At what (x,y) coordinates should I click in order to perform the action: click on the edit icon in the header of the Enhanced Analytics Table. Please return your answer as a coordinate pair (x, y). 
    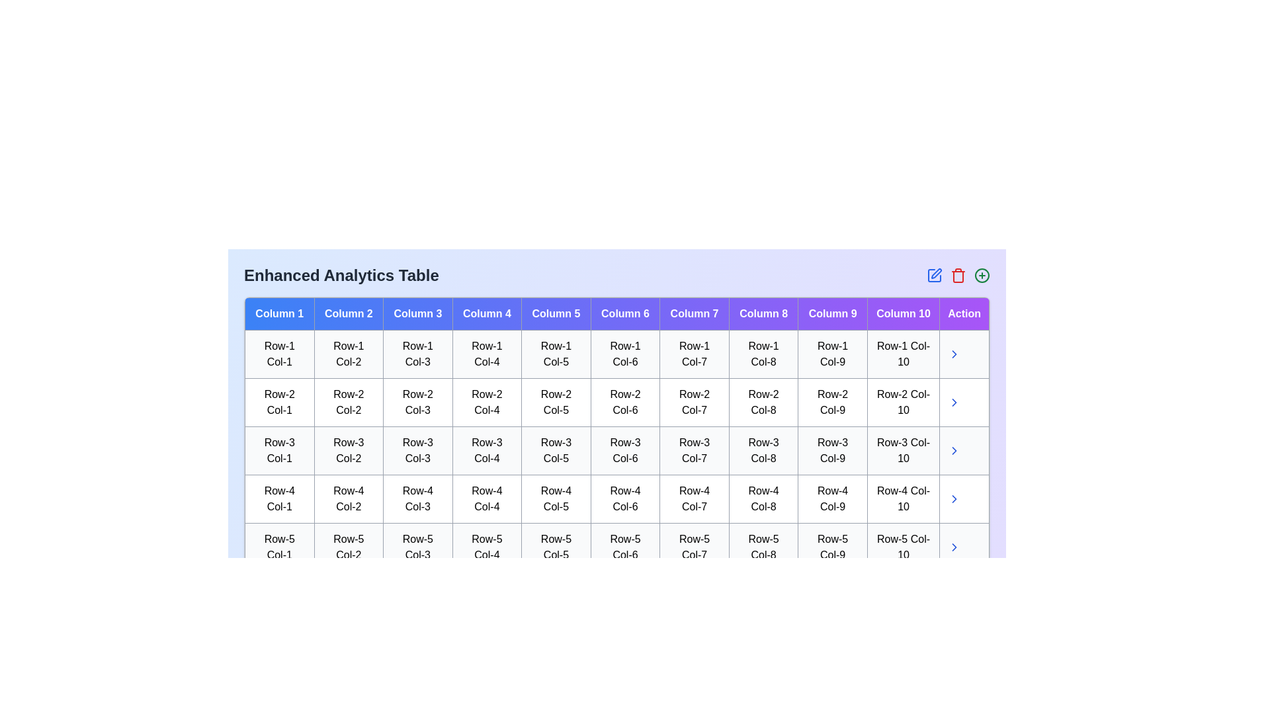
    Looking at the image, I should click on (933, 274).